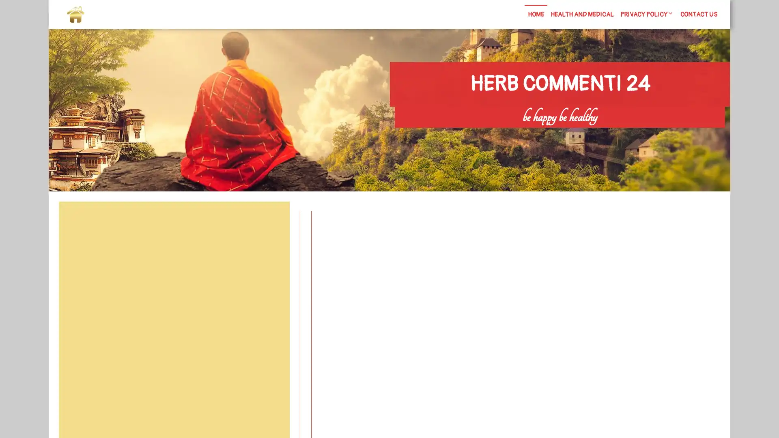 Image resolution: width=779 pixels, height=438 pixels. What do you see at coordinates (271, 221) in the screenshot?
I see `Search` at bounding box center [271, 221].